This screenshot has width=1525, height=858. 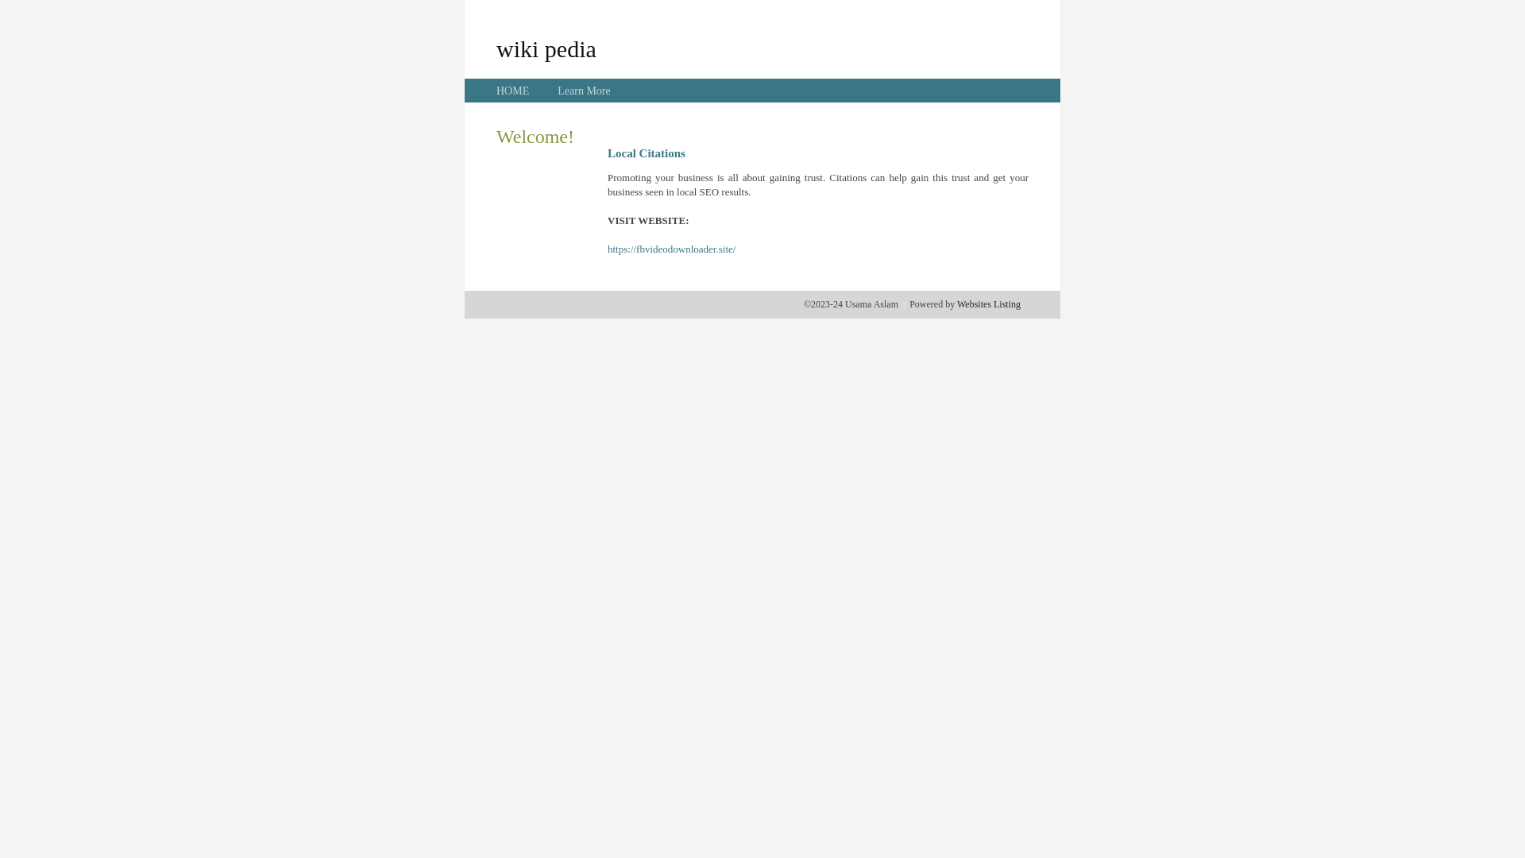 What do you see at coordinates (495, 48) in the screenshot?
I see `'wiki pedia'` at bounding box center [495, 48].